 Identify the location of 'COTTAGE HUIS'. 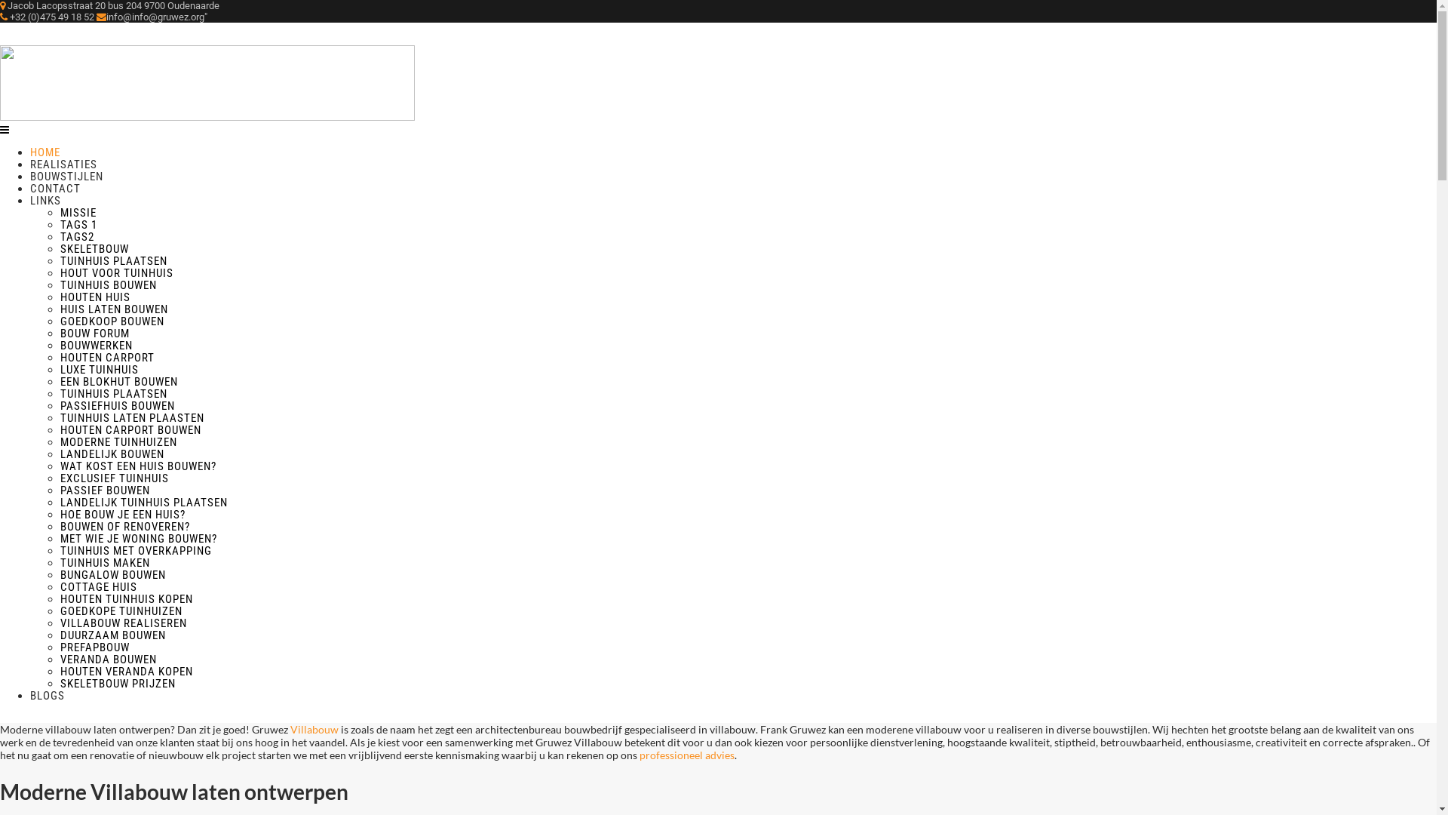
(97, 586).